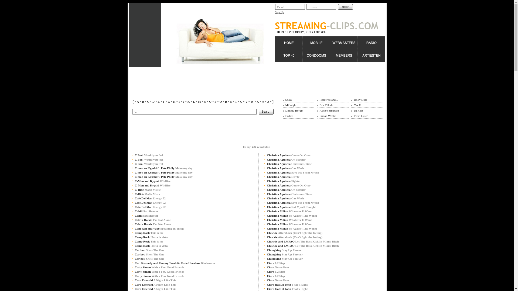 The image size is (518, 291). Describe the element at coordinates (252, 102) in the screenshot. I see `'W'` at that location.